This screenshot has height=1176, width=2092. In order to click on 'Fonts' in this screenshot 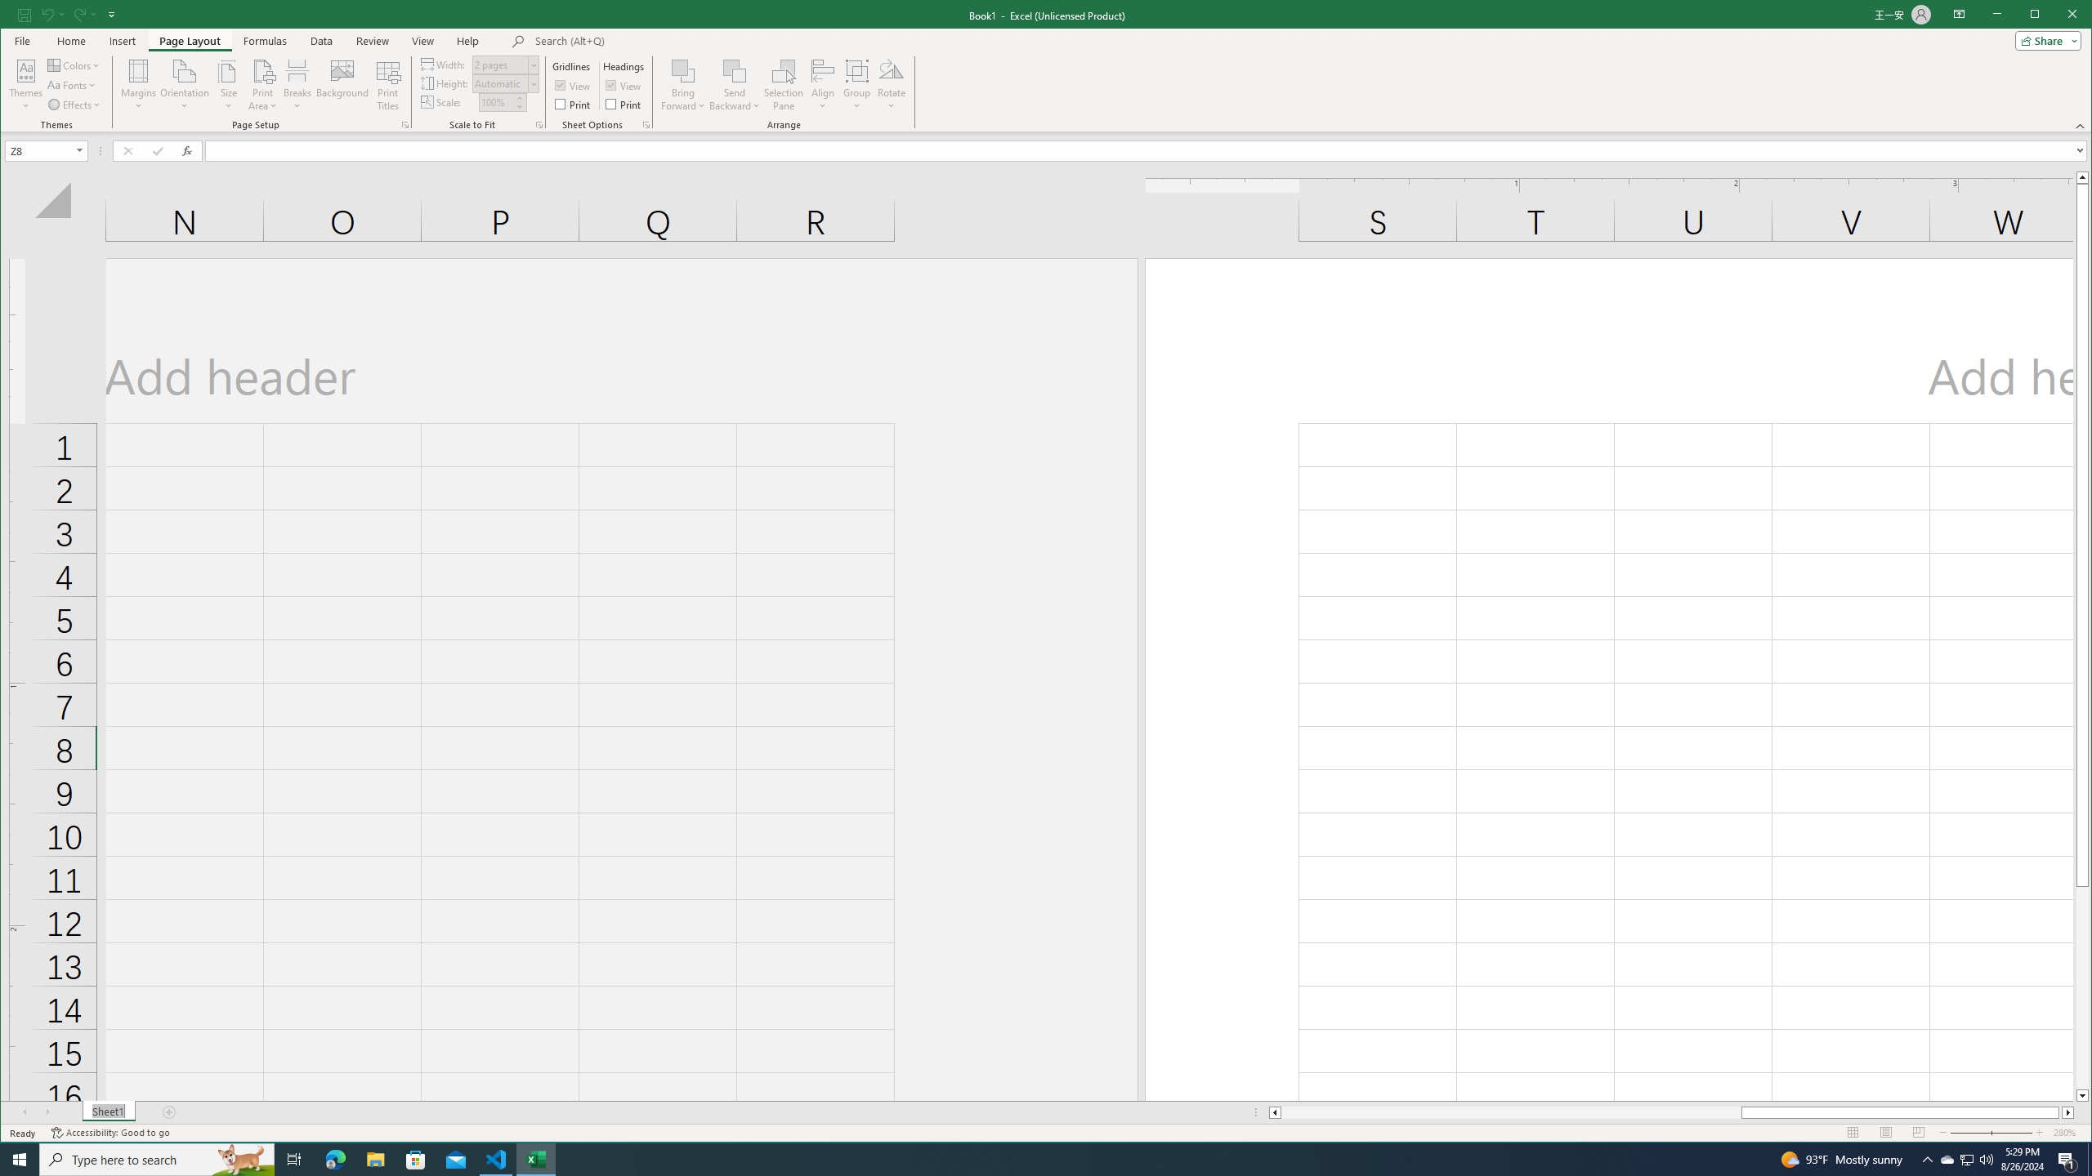, I will do `click(71, 85)`.